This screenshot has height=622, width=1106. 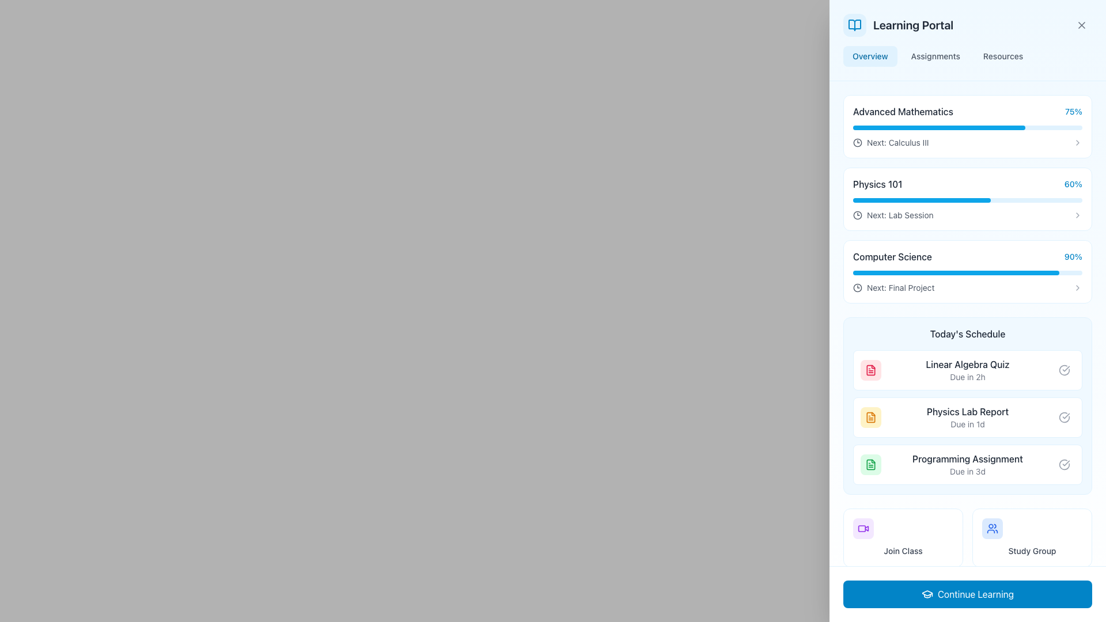 What do you see at coordinates (903, 537) in the screenshot?
I see `the button in the top-left corner of the 2x2 grid under 'Today's Schedule' to join the class` at bounding box center [903, 537].